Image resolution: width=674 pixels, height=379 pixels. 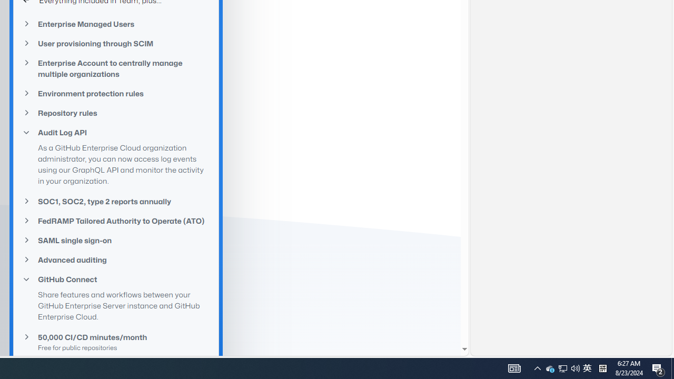 What do you see at coordinates (116, 279) in the screenshot?
I see `'GitHub Connect'` at bounding box center [116, 279].